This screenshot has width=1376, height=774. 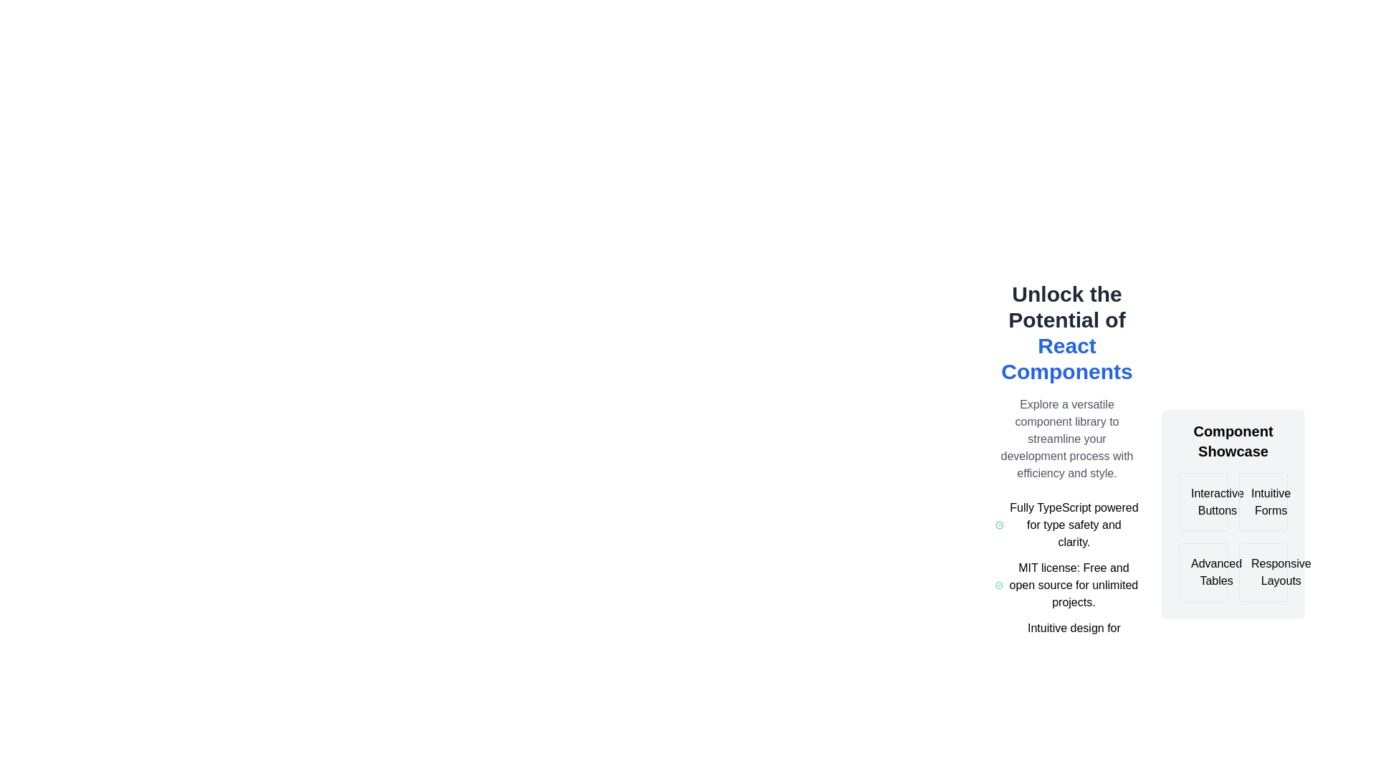 What do you see at coordinates (1299, 501) in the screenshot?
I see `the design of the SVG Icon that signifies a rating or favorite, located in the 'Component Showcase' panel on the right side of the page` at bounding box center [1299, 501].